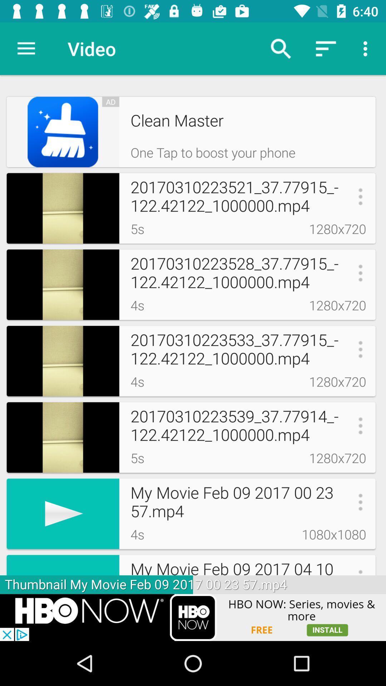 The height and width of the screenshot is (686, 386). What do you see at coordinates (281, 49) in the screenshot?
I see `the search icon which is beside to video` at bounding box center [281, 49].